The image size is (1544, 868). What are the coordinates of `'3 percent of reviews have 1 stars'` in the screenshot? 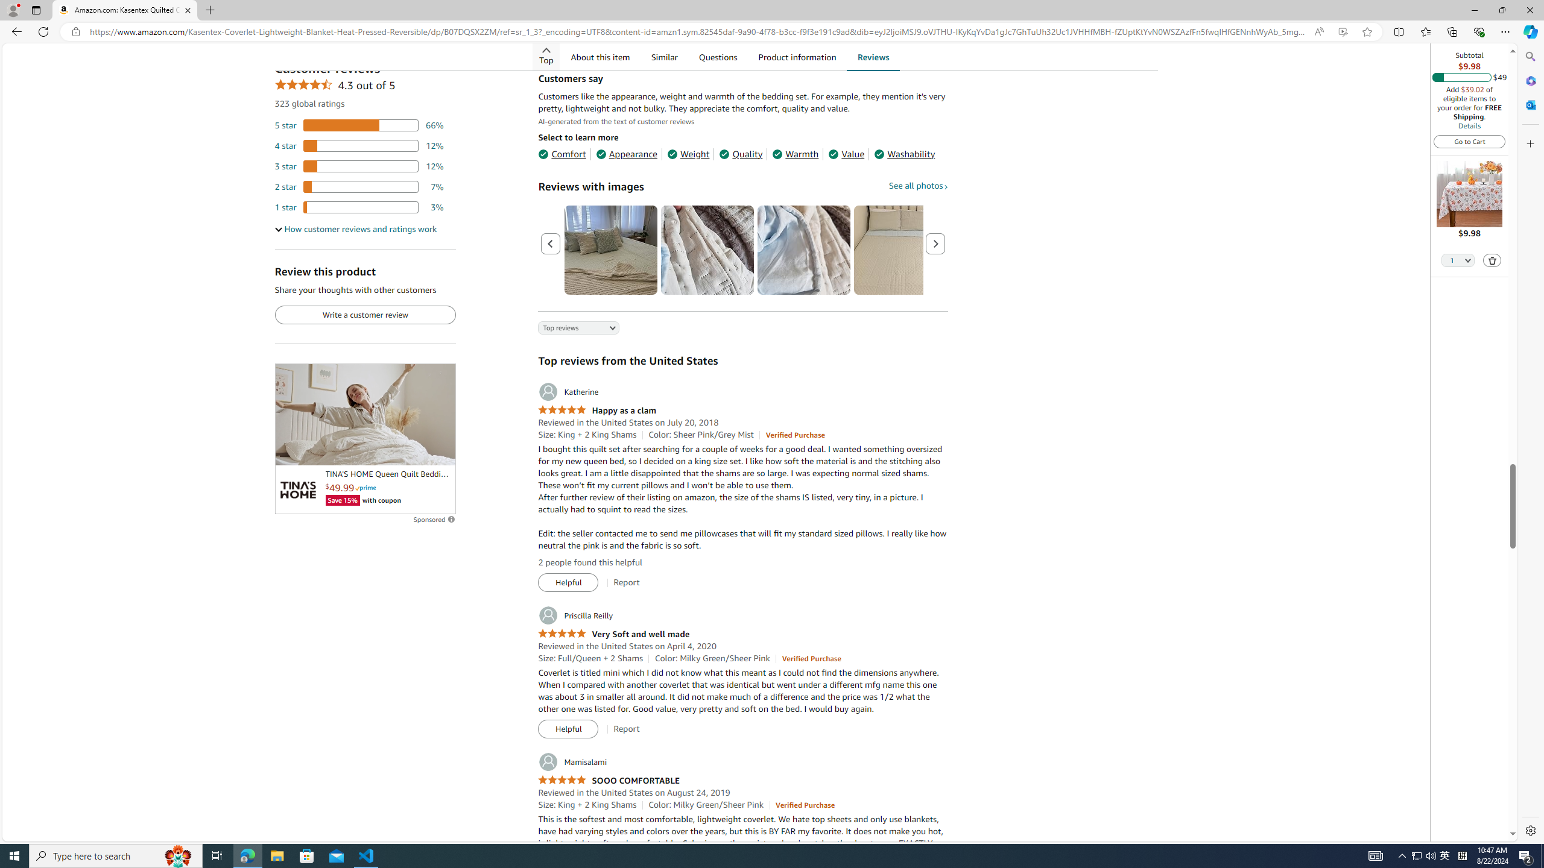 It's located at (359, 206).